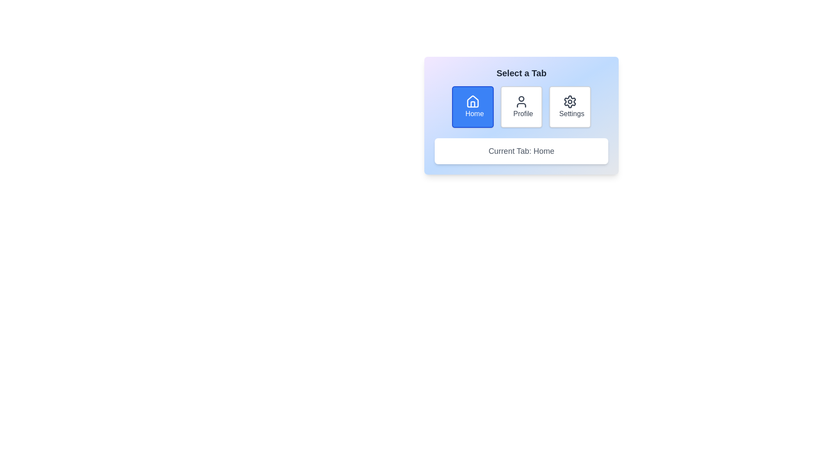  I want to click on the 'Profile' text label that indicates the section identity within the interface, so click(522, 113).